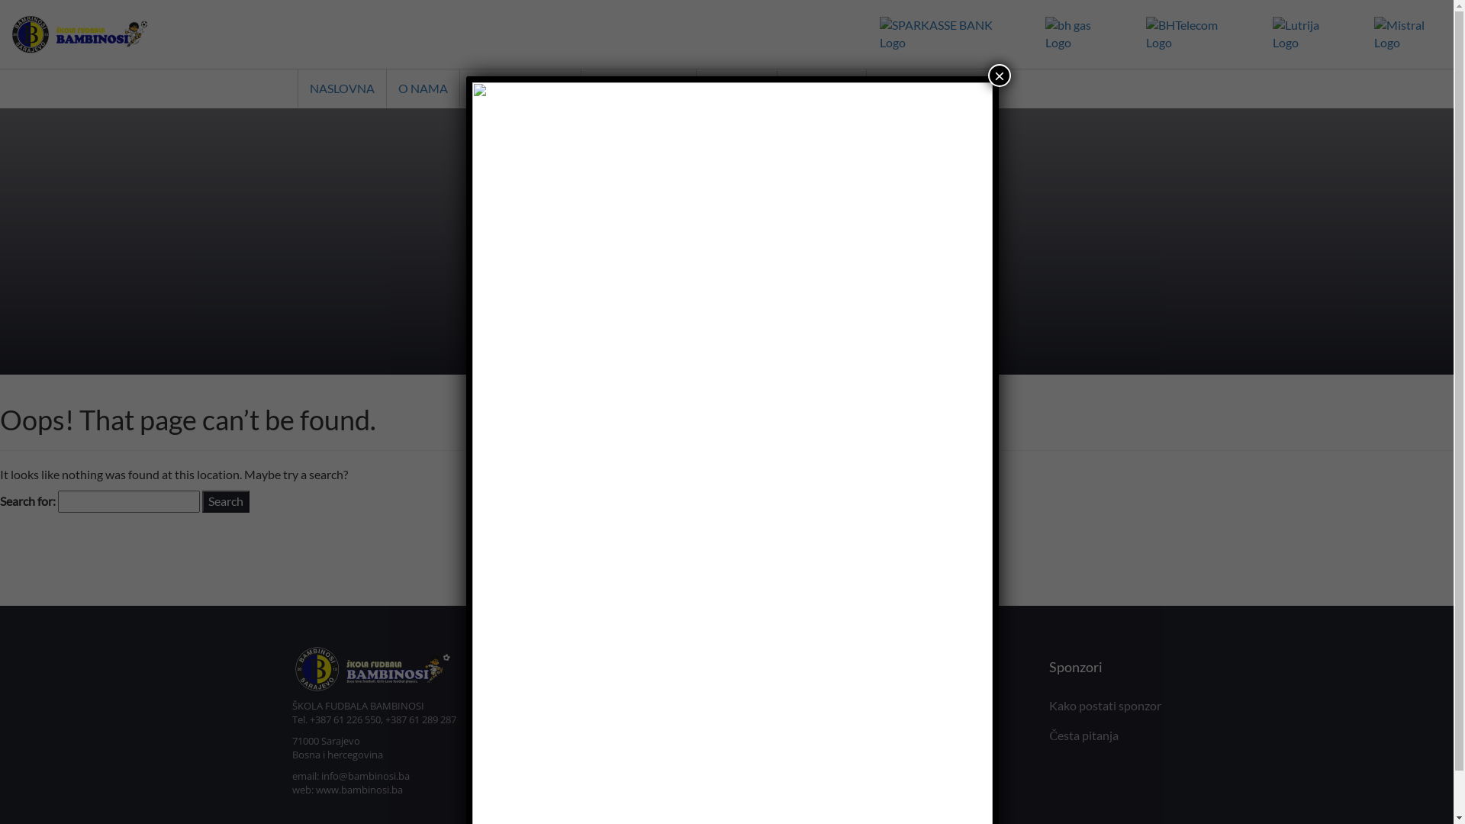  I want to click on 'Kako se upisati', so click(658, 705).